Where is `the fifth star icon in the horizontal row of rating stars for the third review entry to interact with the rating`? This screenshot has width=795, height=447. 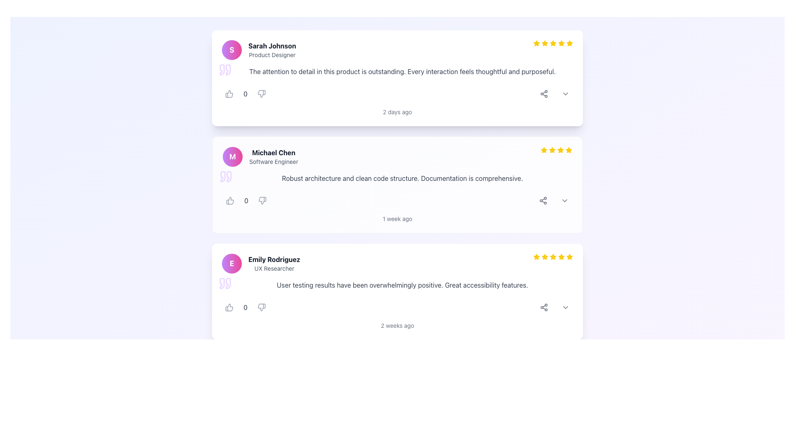
the fifth star icon in the horizontal row of rating stars for the third review entry to interact with the rating is located at coordinates (553, 257).